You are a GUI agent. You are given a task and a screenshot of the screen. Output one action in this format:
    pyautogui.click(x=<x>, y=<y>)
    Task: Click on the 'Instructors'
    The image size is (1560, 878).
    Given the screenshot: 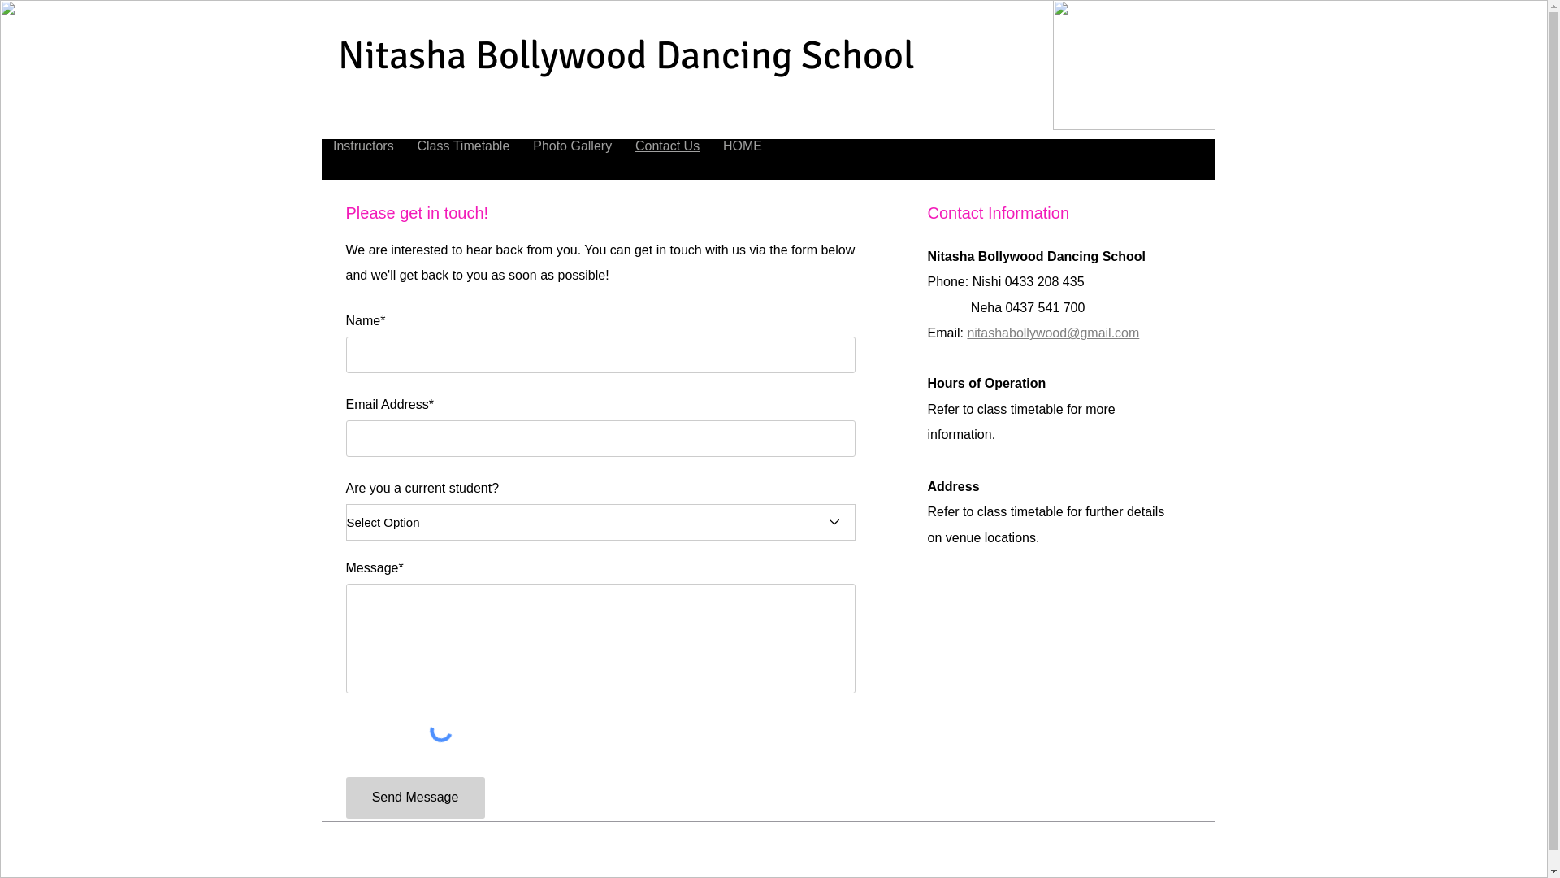 What is the action you would take?
    pyautogui.click(x=362, y=146)
    